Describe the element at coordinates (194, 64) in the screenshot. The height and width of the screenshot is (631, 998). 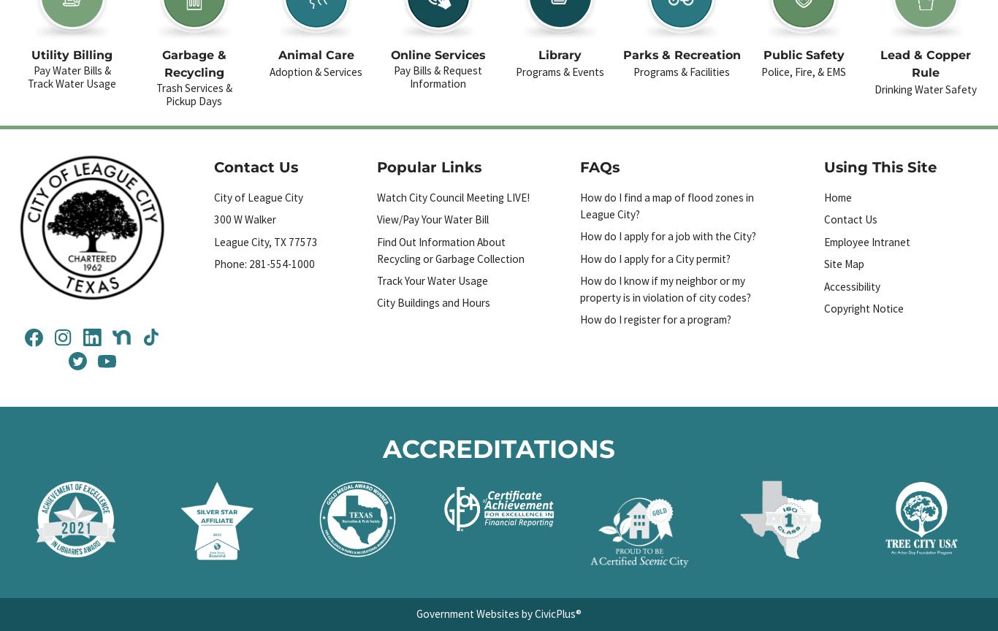
I see `'Garbage & Recycling'` at that location.